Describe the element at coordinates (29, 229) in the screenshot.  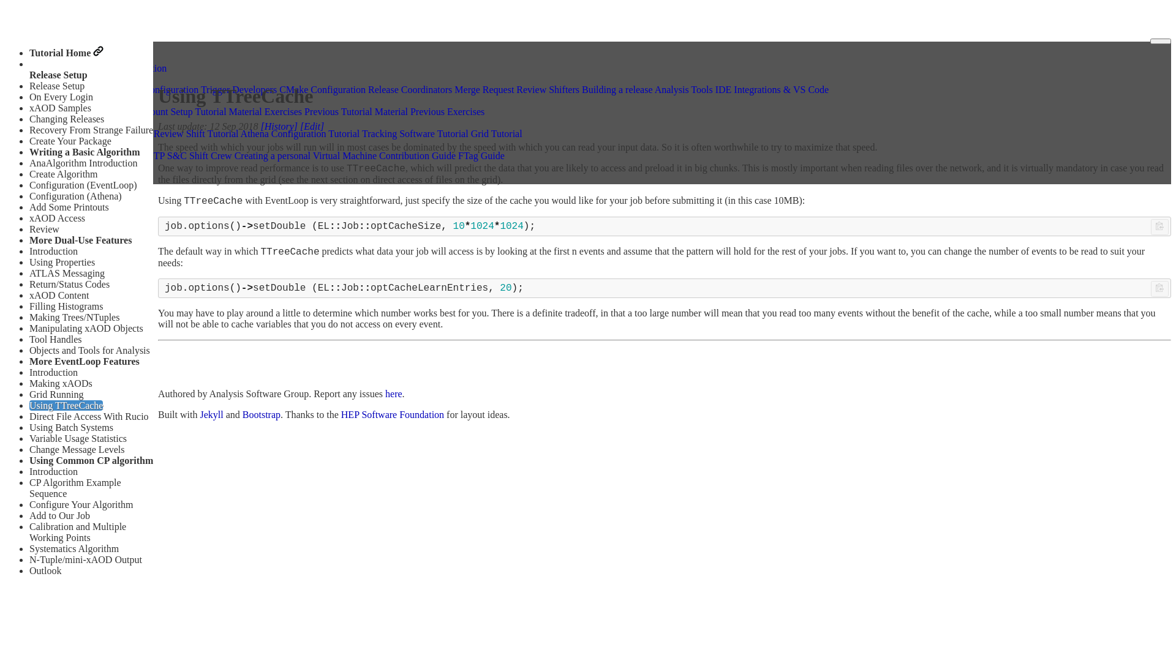
I see `'Review'` at that location.